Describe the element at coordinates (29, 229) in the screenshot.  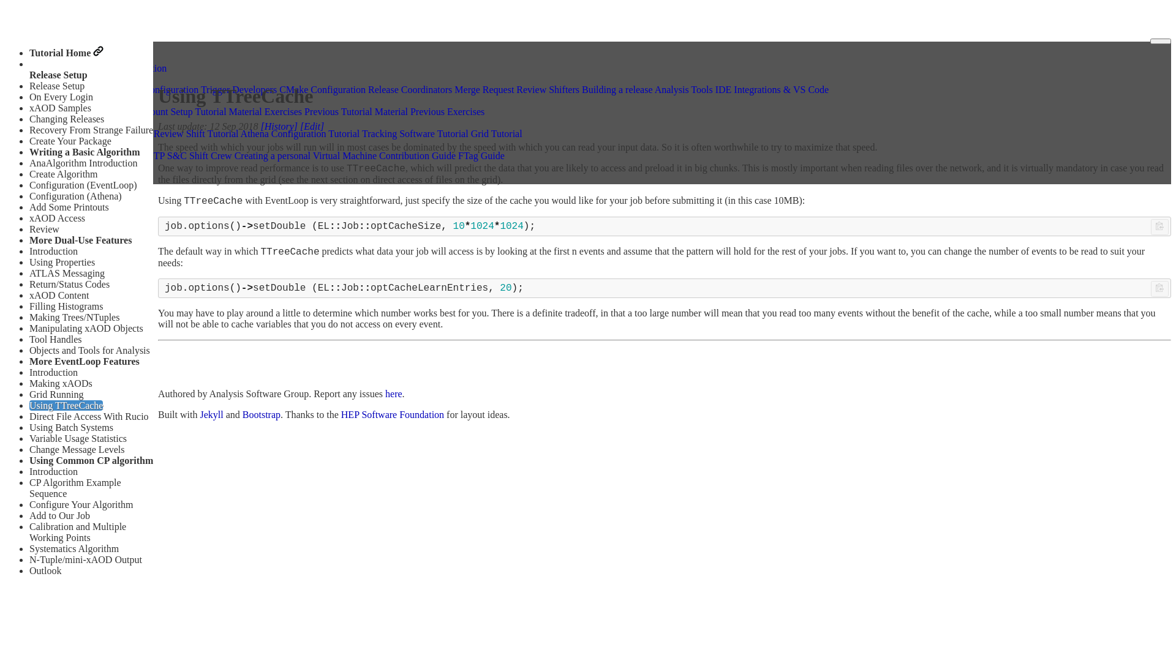
I see `'Review'` at that location.